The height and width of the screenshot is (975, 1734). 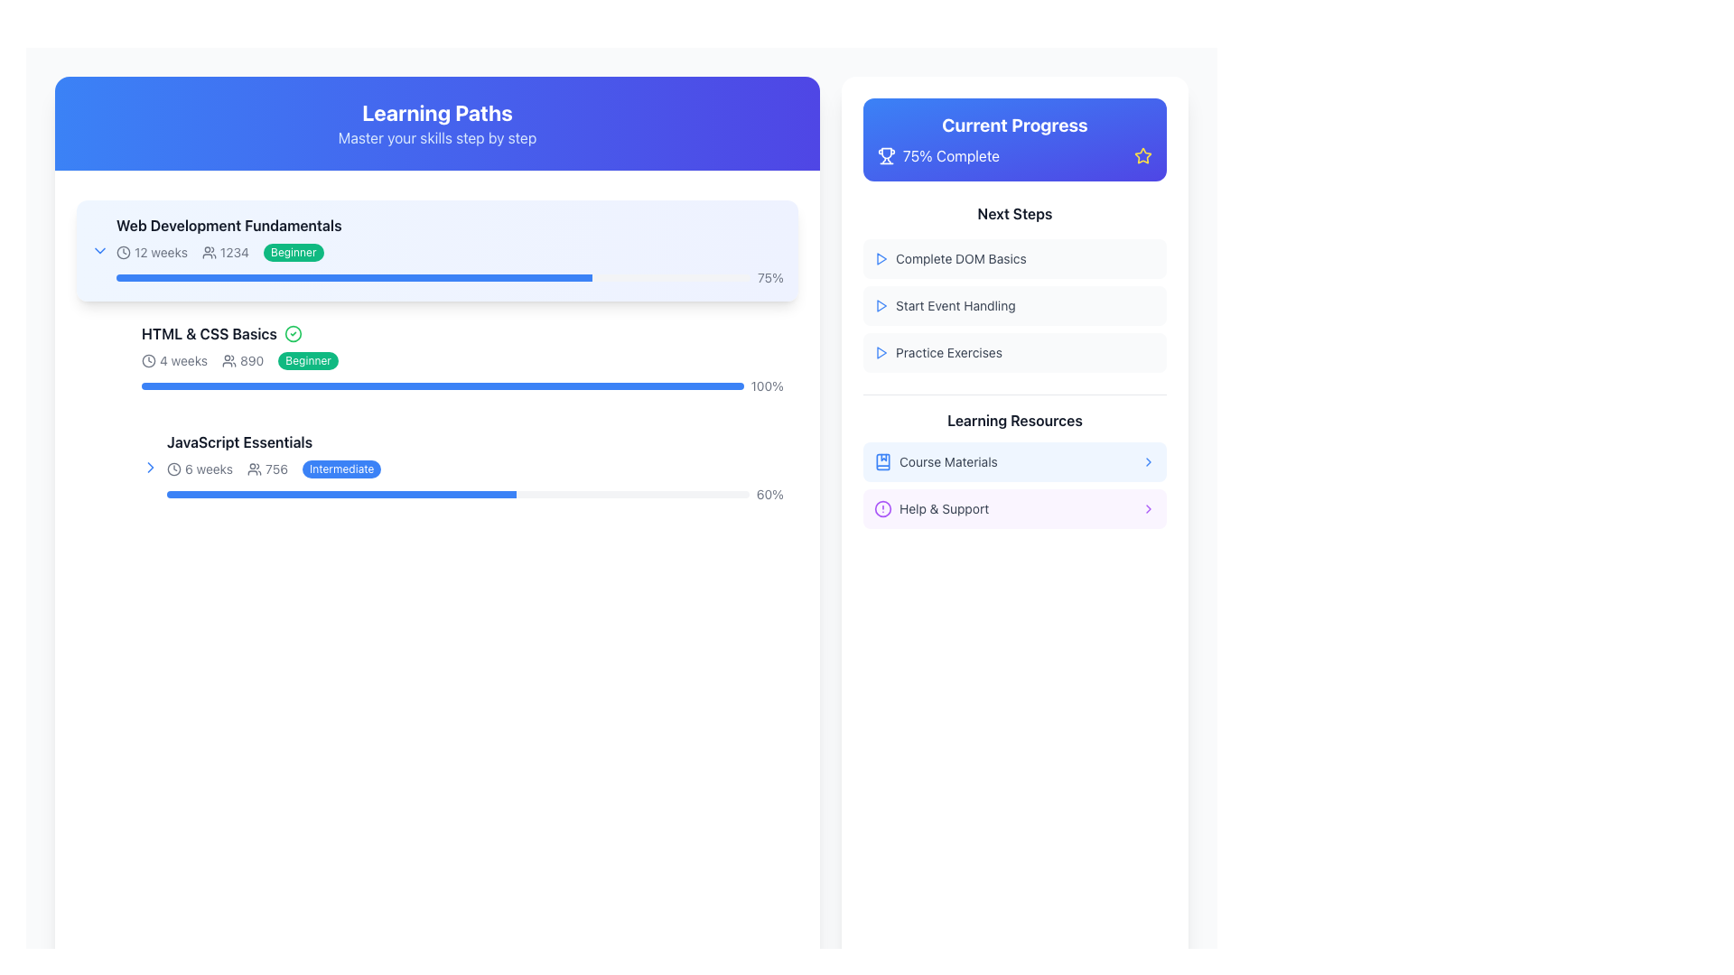 What do you see at coordinates (148, 361) in the screenshot?
I see `or interpret the clock icon located to the left of the text '4 weeks' in the 'HTML & CSS Basics' section` at bounding box center [148, 361].